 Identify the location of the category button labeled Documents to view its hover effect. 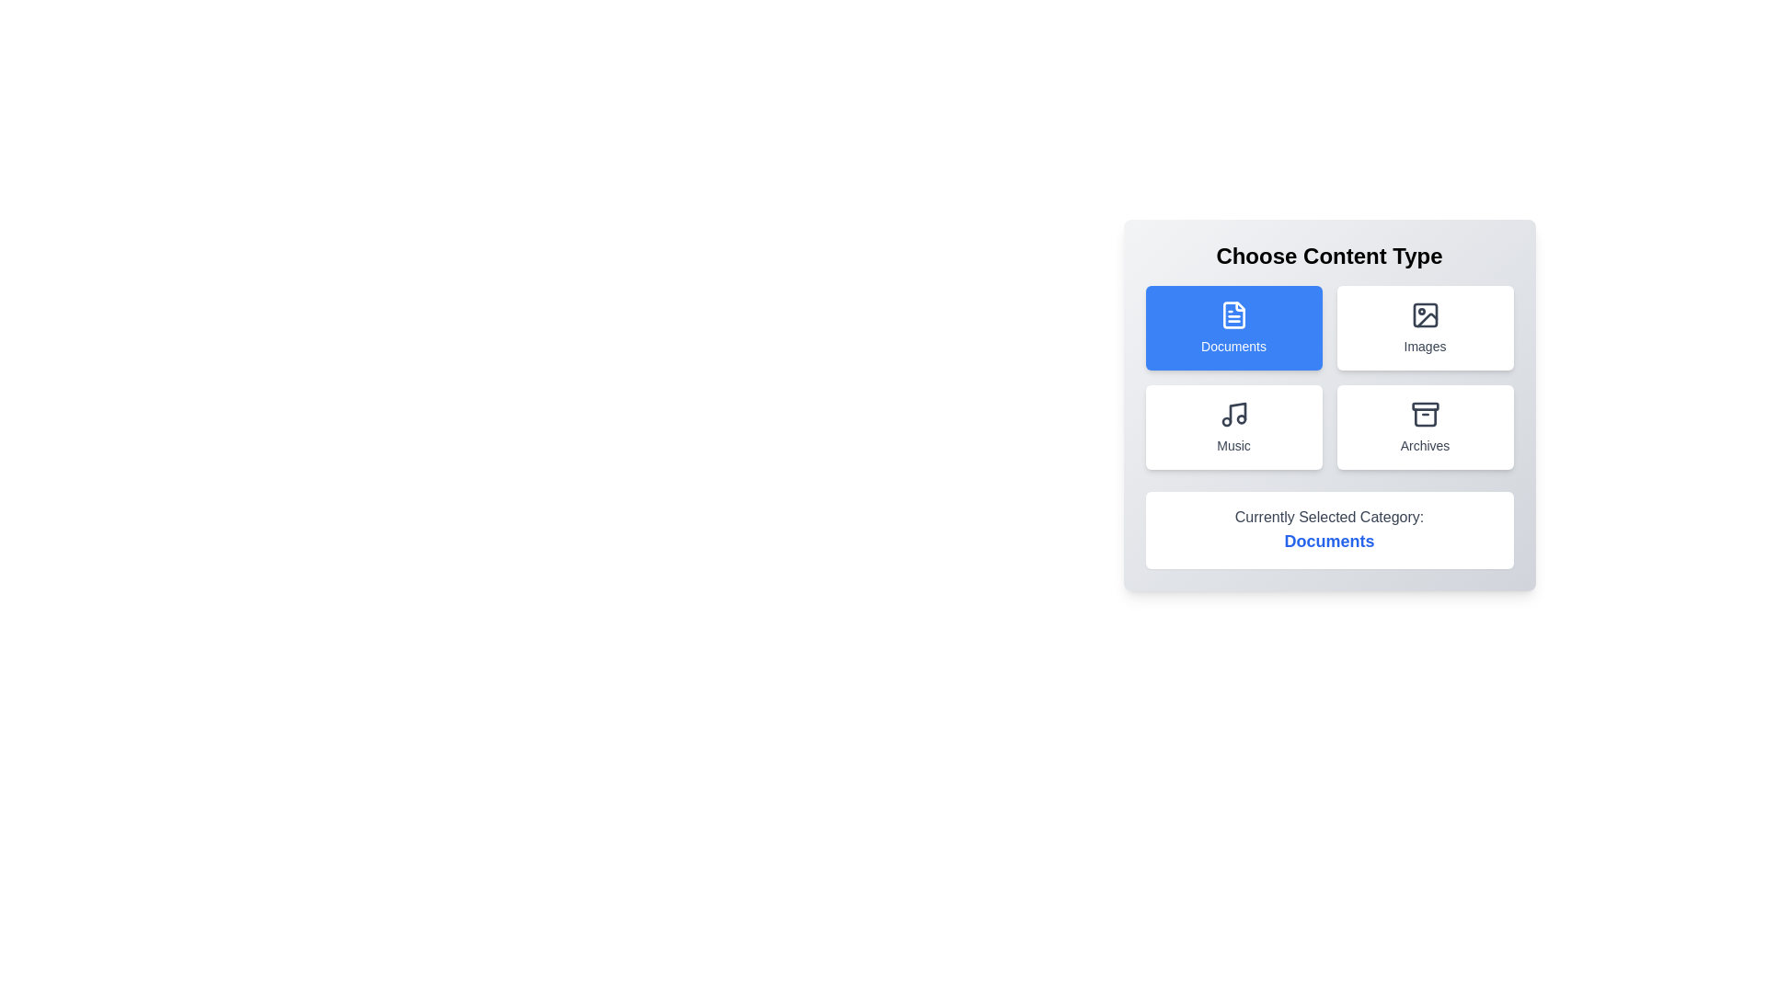
(1233, 327).